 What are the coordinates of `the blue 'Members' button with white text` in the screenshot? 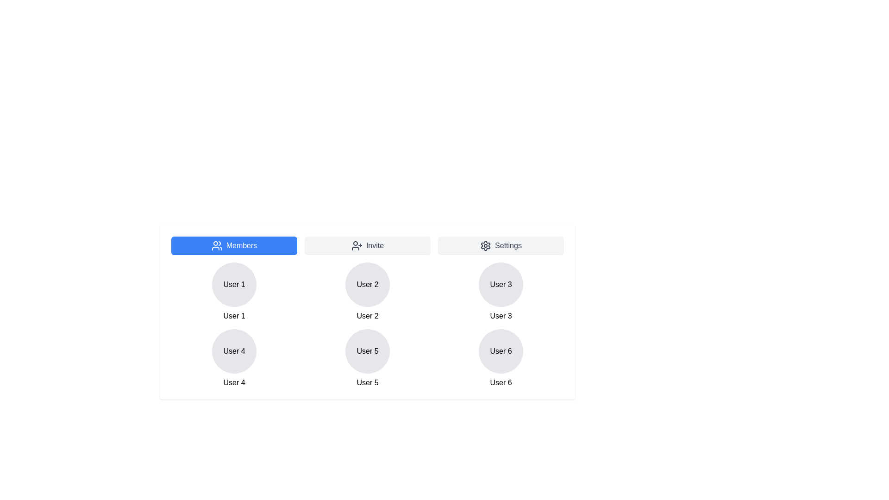 It's located at (234, 245).